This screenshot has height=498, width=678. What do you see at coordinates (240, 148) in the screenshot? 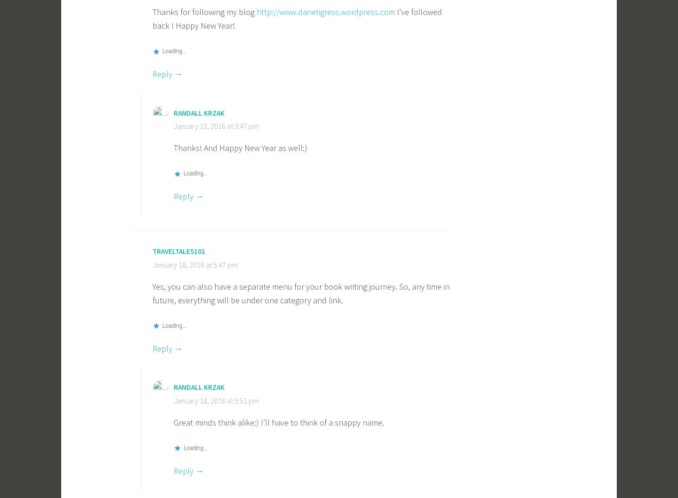
I see `'Thanks! And Happy New Year as well:)'` at bounding box center [240, 148].